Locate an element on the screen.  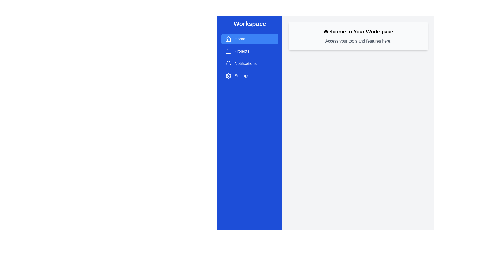
welcome message displayed in the text block titled 'Welcome to Your Workspace' with a light gray background and rounded corners is located at coordinates (358, 36).